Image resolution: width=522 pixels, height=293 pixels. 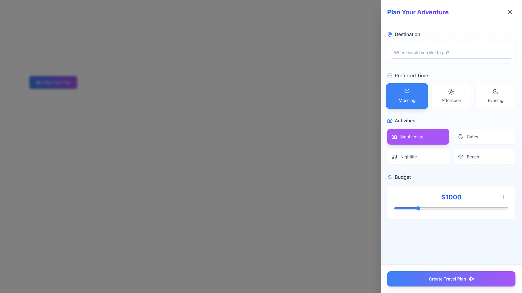 What do you see at coordinates (473, 157) in the screenshot?
I see `the text label for the 'Beach' activity option` at bounding box center [473, 157].